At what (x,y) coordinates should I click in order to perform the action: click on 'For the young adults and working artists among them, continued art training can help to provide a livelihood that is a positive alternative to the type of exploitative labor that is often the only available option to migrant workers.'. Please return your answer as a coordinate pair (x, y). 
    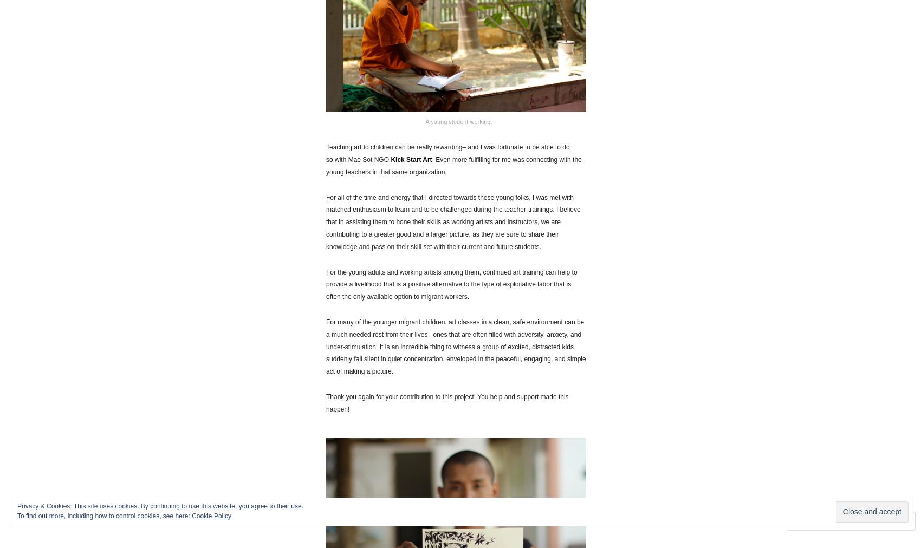
    Looking at the image, I should click on (451, 284).